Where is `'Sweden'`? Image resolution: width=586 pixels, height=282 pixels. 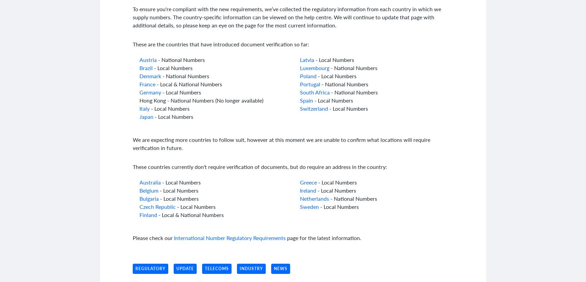
'Sweden' is located at coordinates (308, 207).